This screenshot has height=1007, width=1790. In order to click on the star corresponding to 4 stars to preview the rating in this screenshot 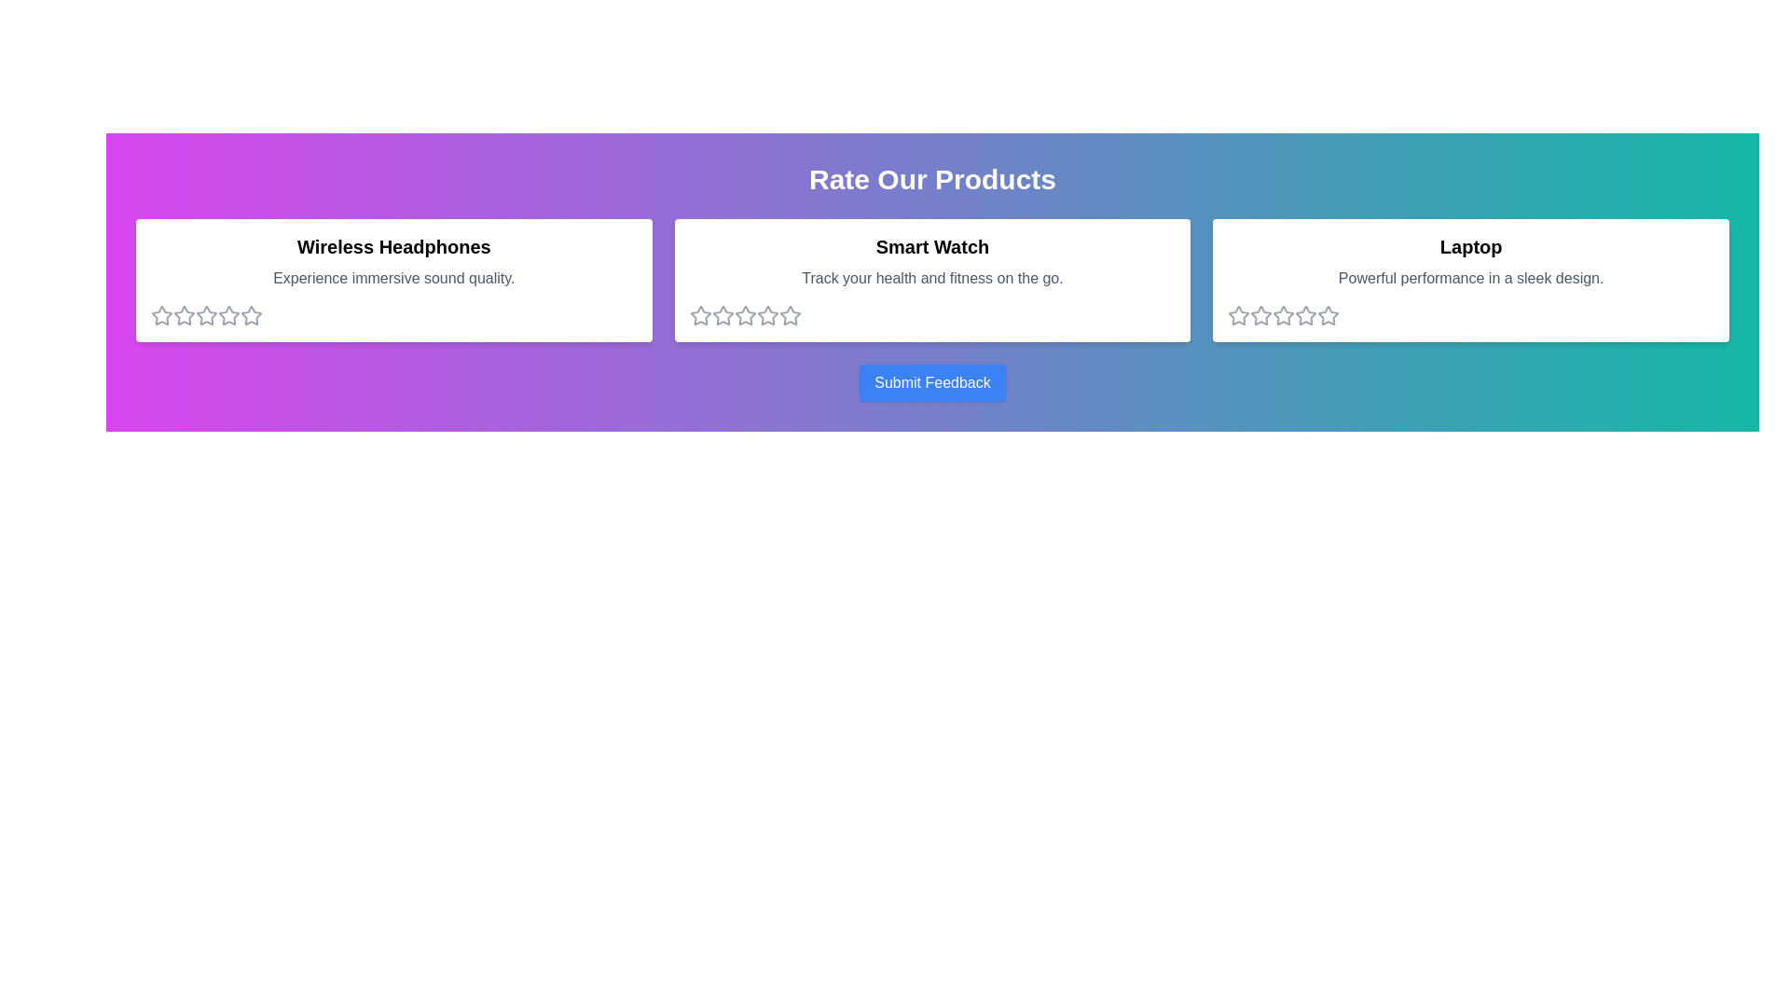, I will do `click(227, 315)`.